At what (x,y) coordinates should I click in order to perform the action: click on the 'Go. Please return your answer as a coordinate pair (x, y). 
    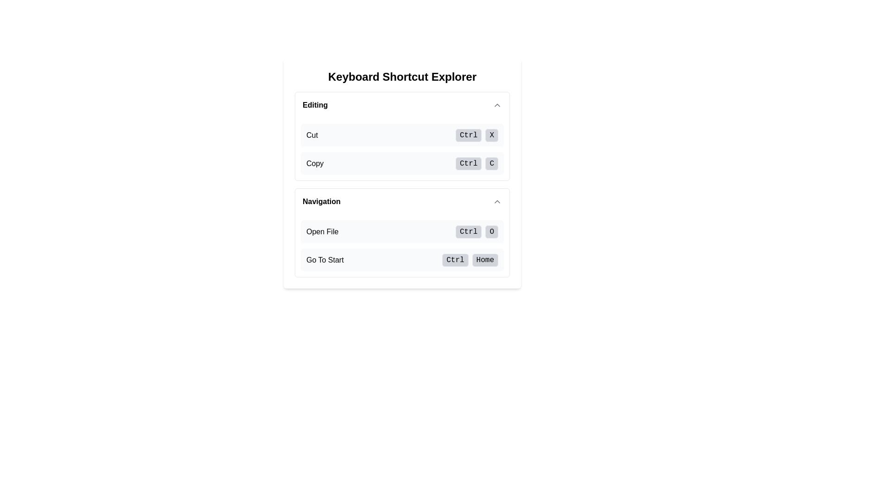
    Looking at the image, I should click on (470, 260).